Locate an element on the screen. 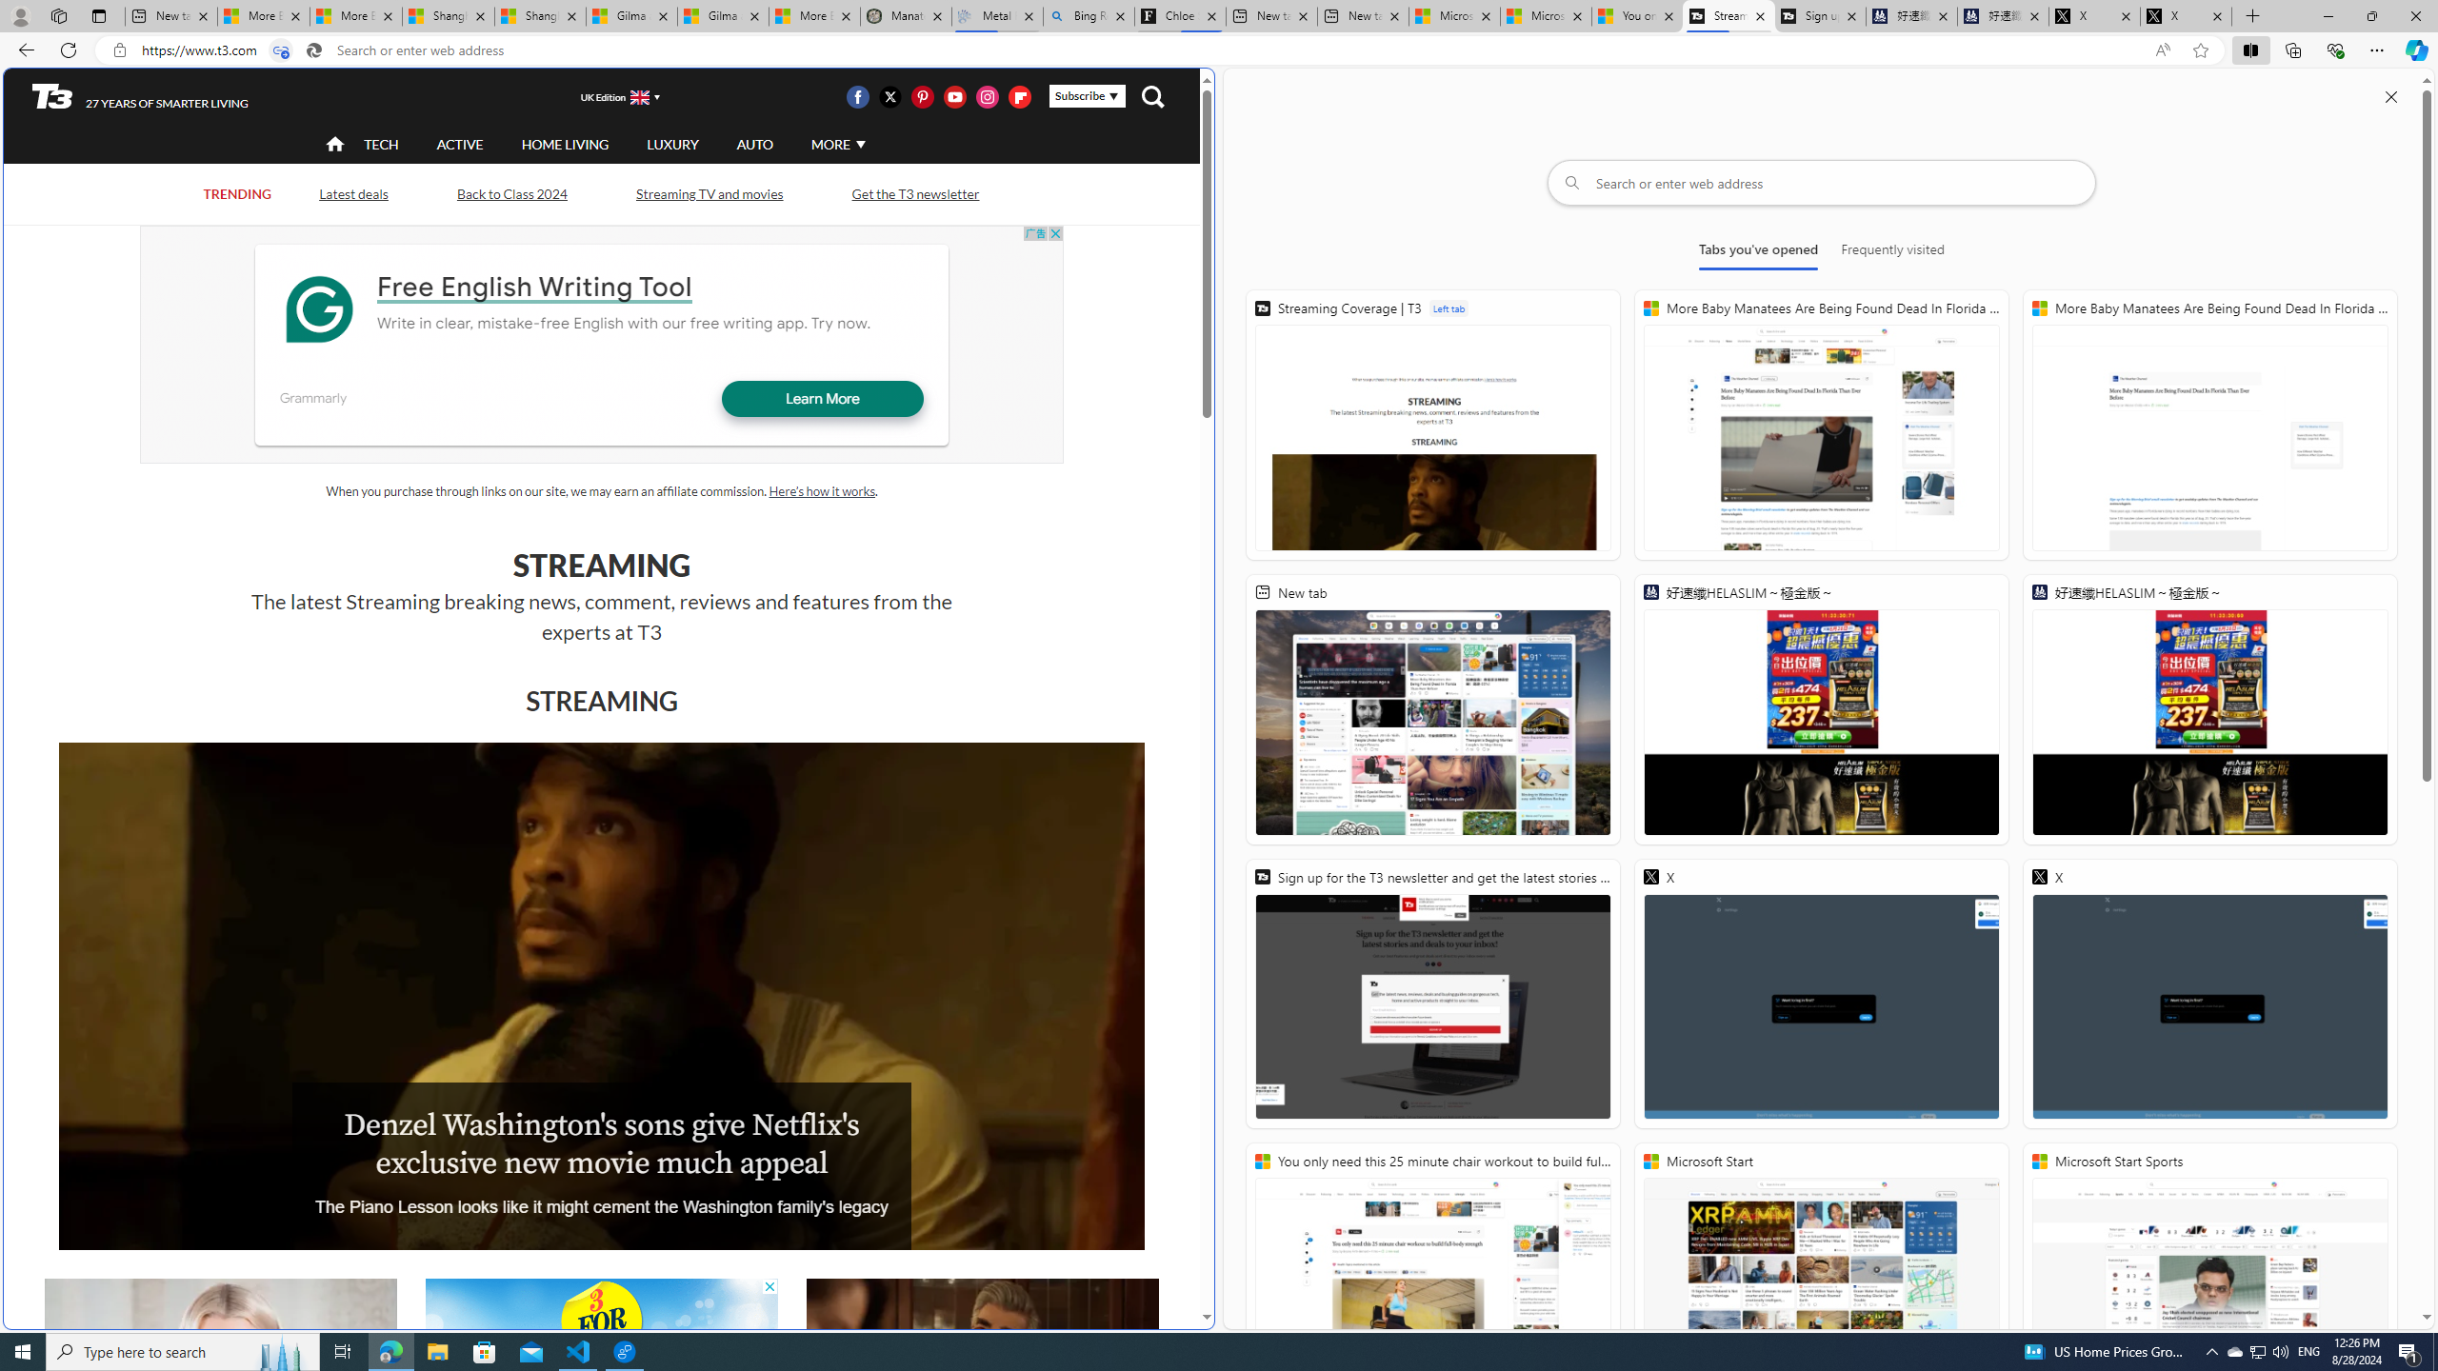 Image resolution: width=2438 pixels, height=1371 pixels. 'MORE ' is located at coordinates (835, 143).